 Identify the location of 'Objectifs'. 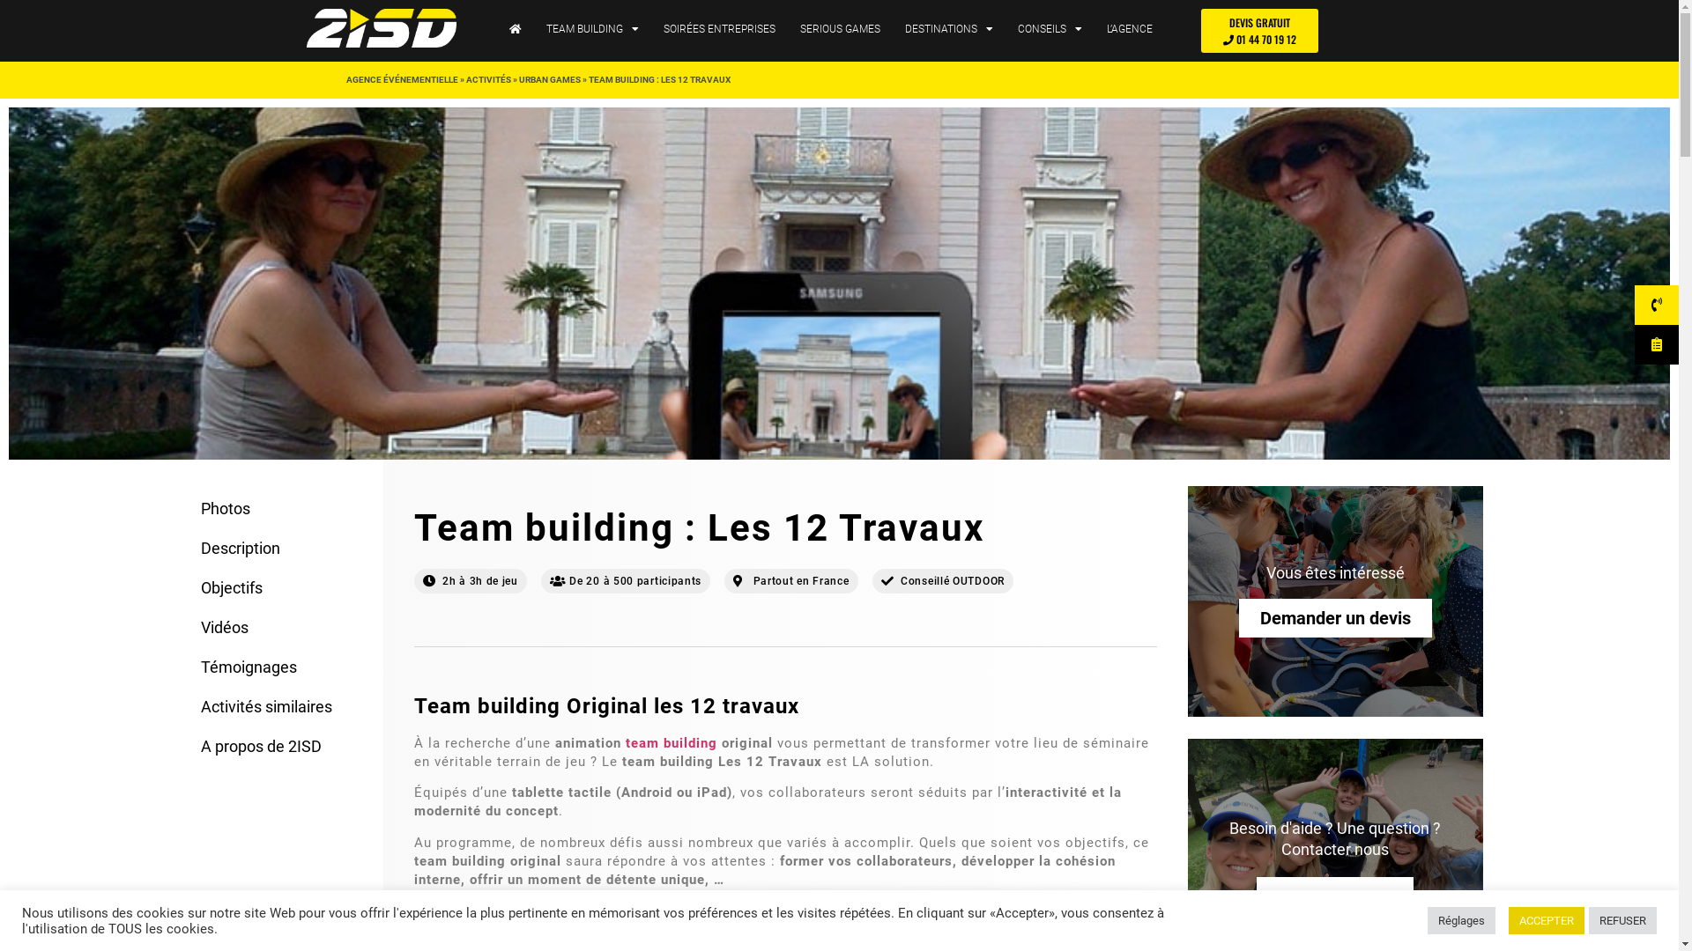
(195, 587).